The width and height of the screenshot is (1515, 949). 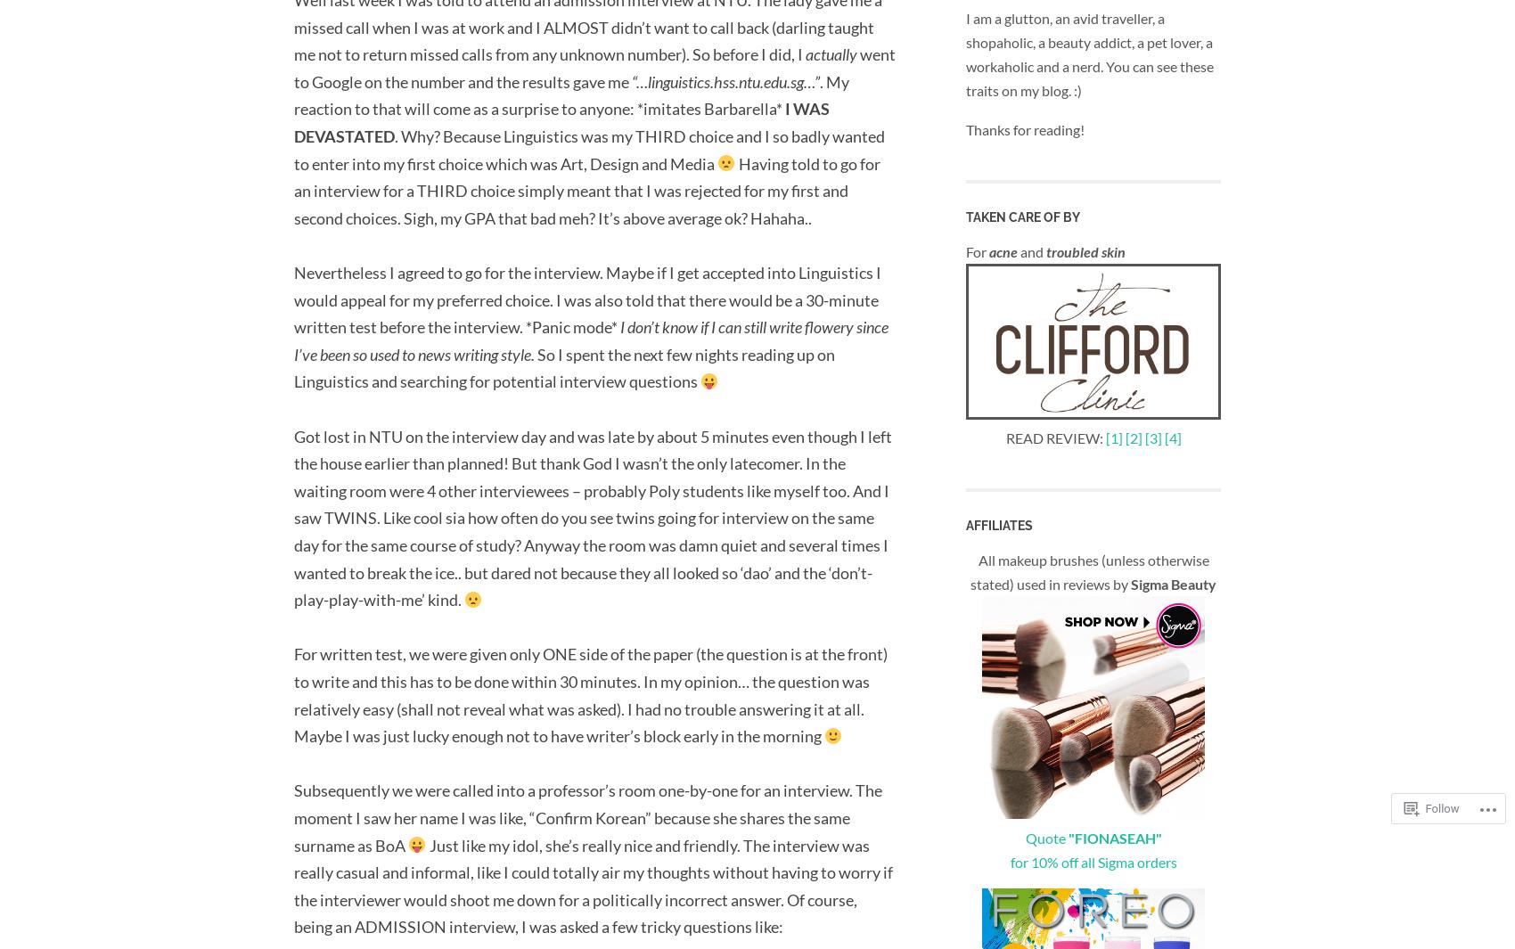 I want to click on 'troubled skin', so click(x=1085, y=250).